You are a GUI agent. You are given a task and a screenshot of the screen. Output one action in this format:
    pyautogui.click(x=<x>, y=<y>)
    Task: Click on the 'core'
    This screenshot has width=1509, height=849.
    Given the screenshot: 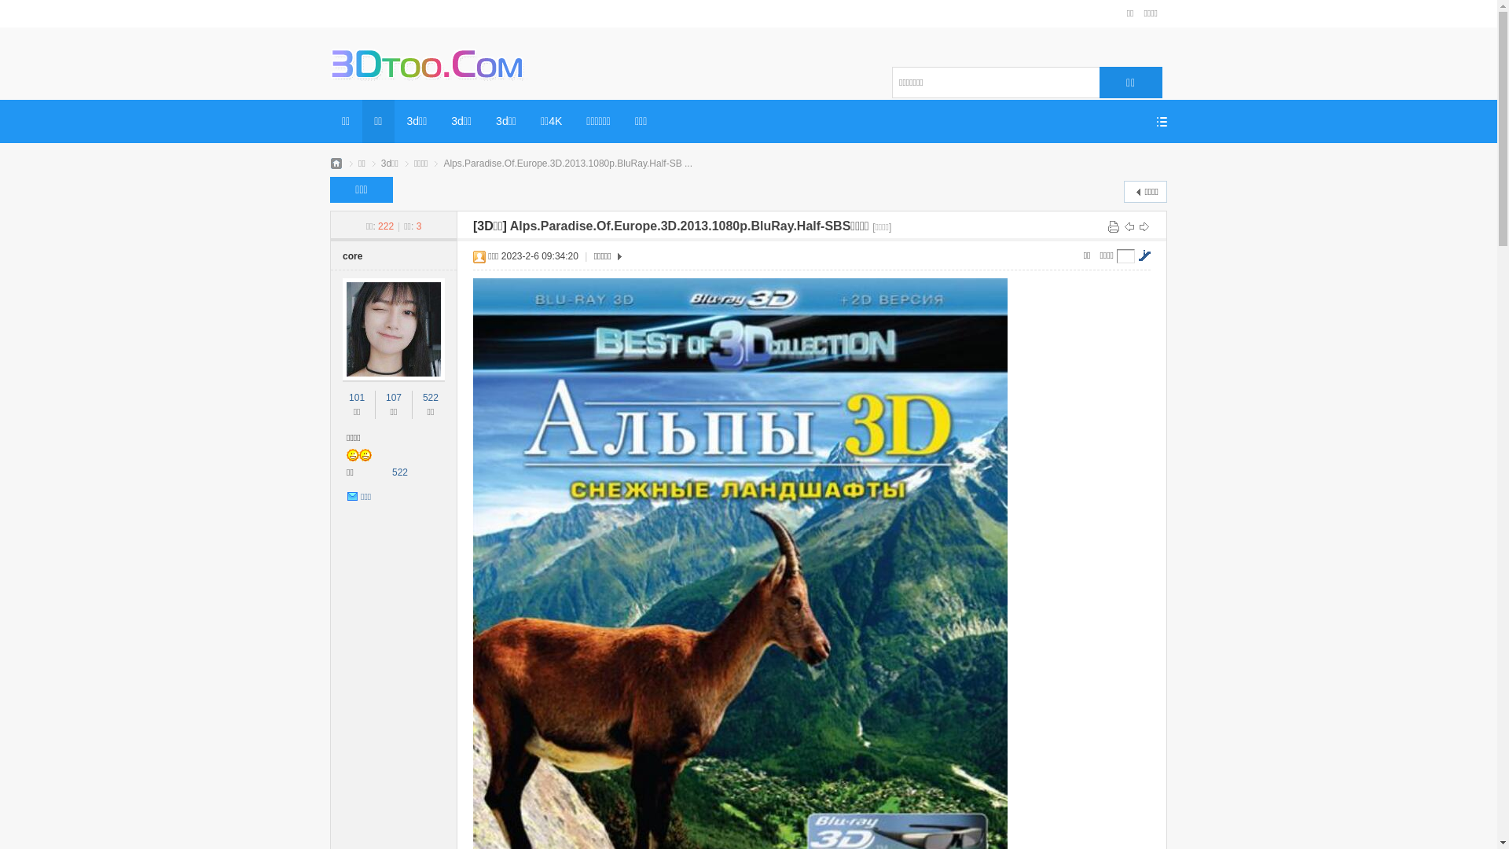 What is the action you would take?
    pyautogui.click(x=342, y=255)
    